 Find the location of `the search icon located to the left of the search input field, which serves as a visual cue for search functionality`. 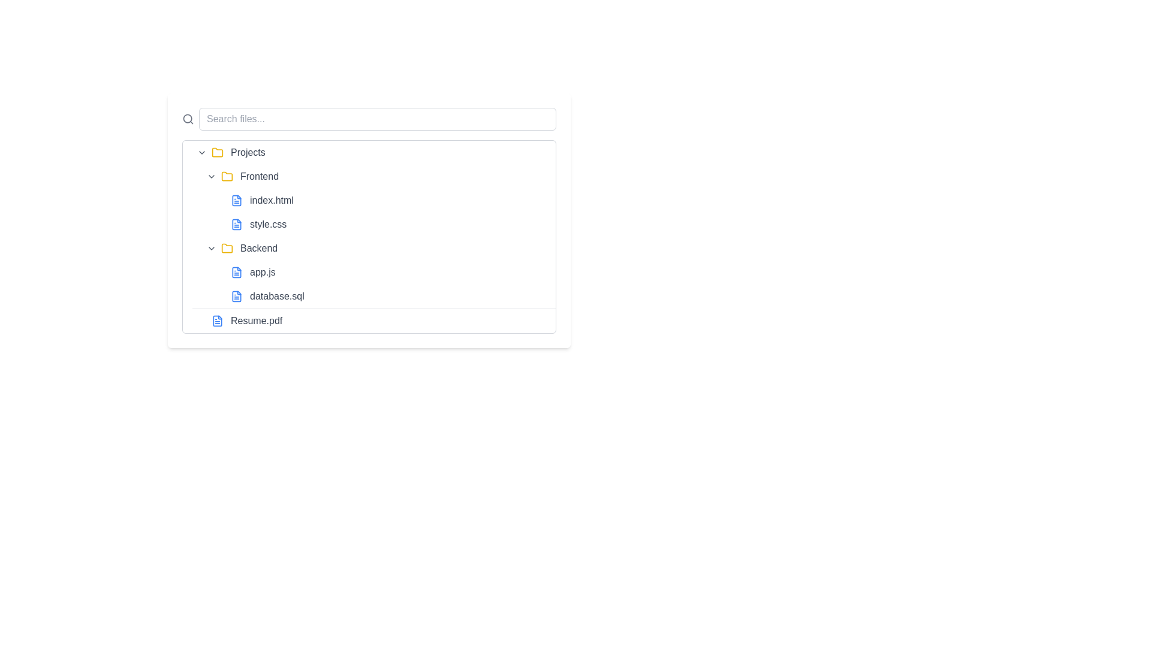

the search icon located to the left of the search input field, which serves as a visual cue for search functionality is located at coordinates (187, 119).